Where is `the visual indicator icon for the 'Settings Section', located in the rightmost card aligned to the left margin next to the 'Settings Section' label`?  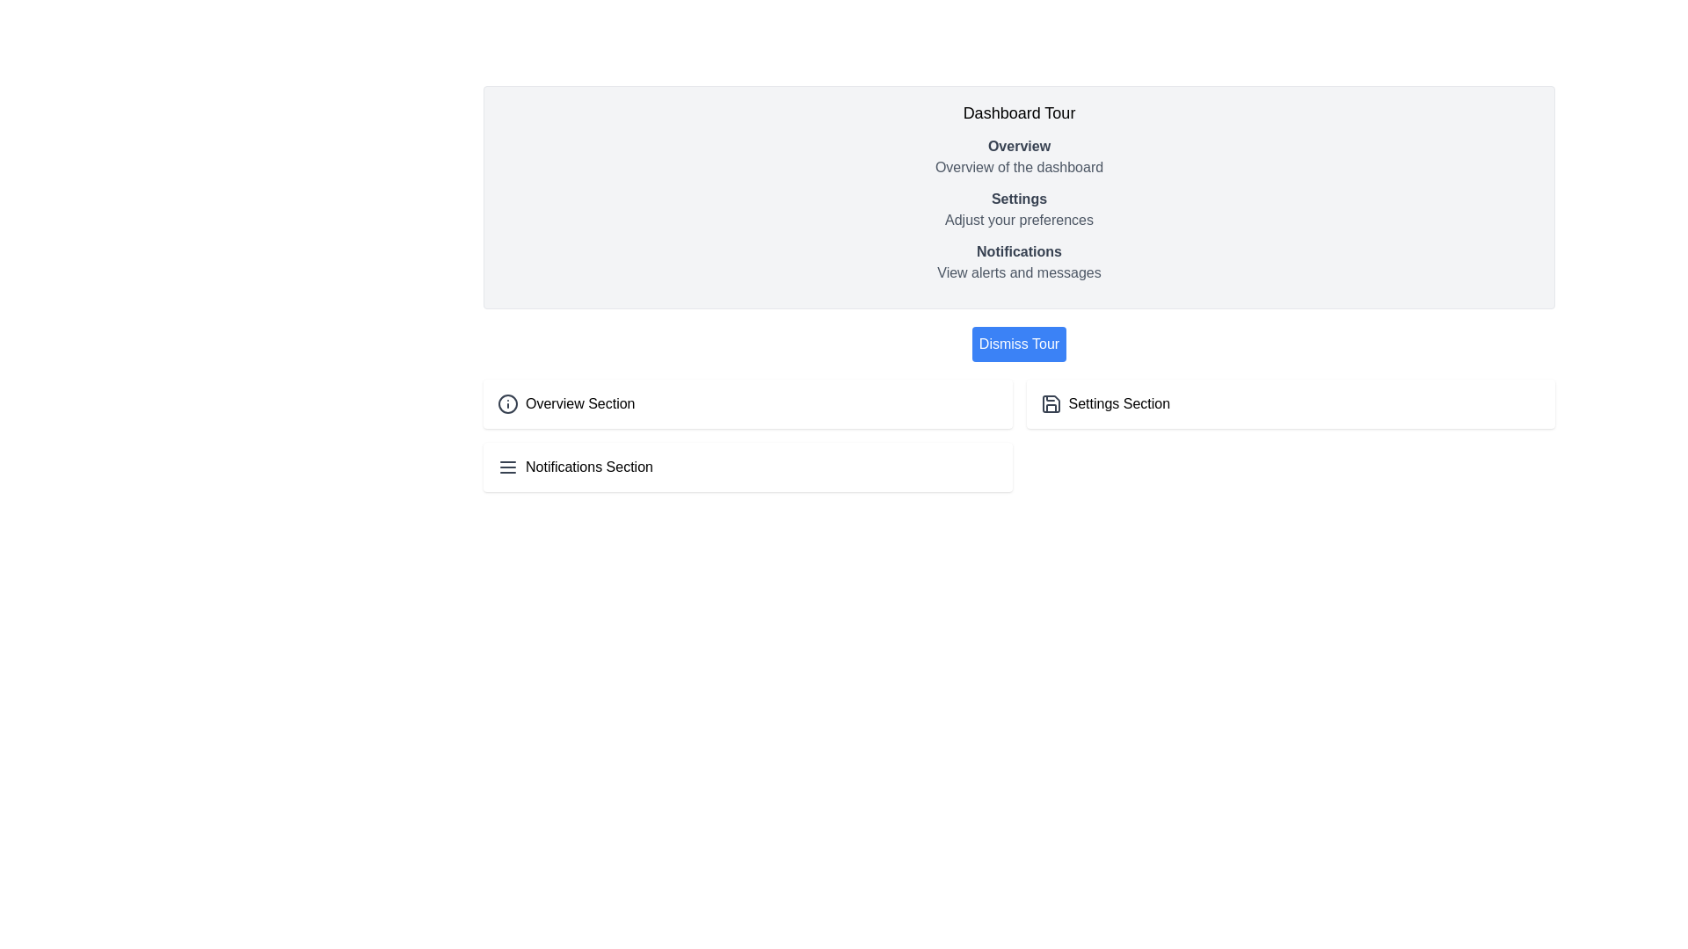 the visual indicator icon for the 'Settings Section', located in the rightmost card aligned to the left margin next to the 'Settings Section' label is located at coordinates (1051, 403).